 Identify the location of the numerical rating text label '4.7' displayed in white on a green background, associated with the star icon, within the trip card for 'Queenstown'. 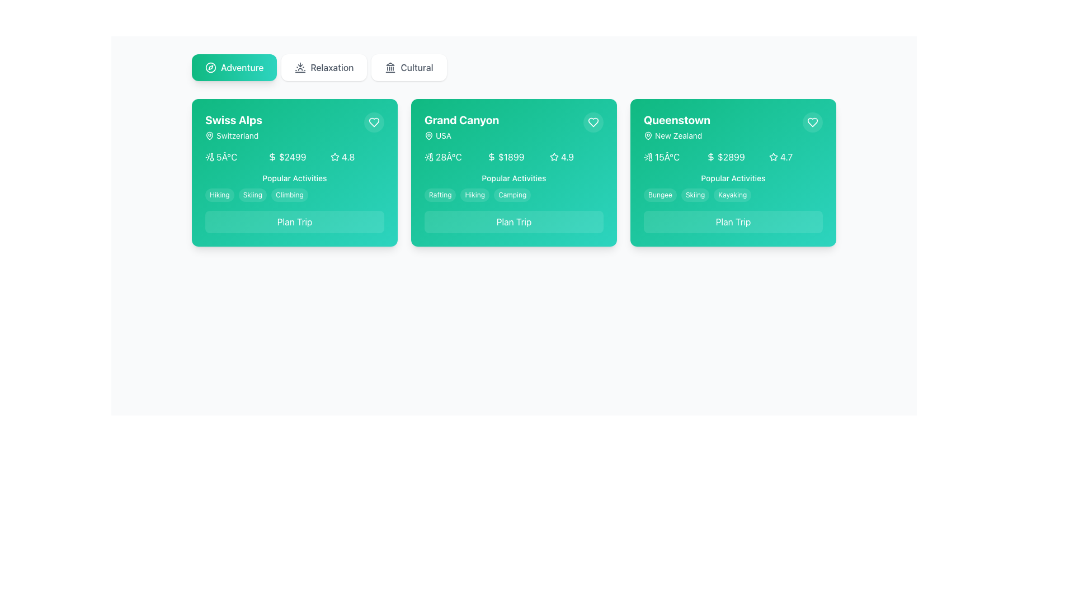
(786, 157).